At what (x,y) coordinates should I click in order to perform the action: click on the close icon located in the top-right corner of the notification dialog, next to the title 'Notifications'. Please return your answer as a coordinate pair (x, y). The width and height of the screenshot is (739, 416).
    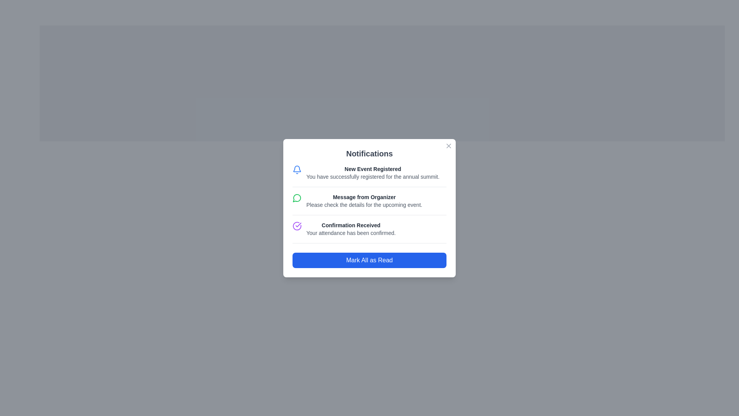
    Looking at the image, I should click on (449, 146).